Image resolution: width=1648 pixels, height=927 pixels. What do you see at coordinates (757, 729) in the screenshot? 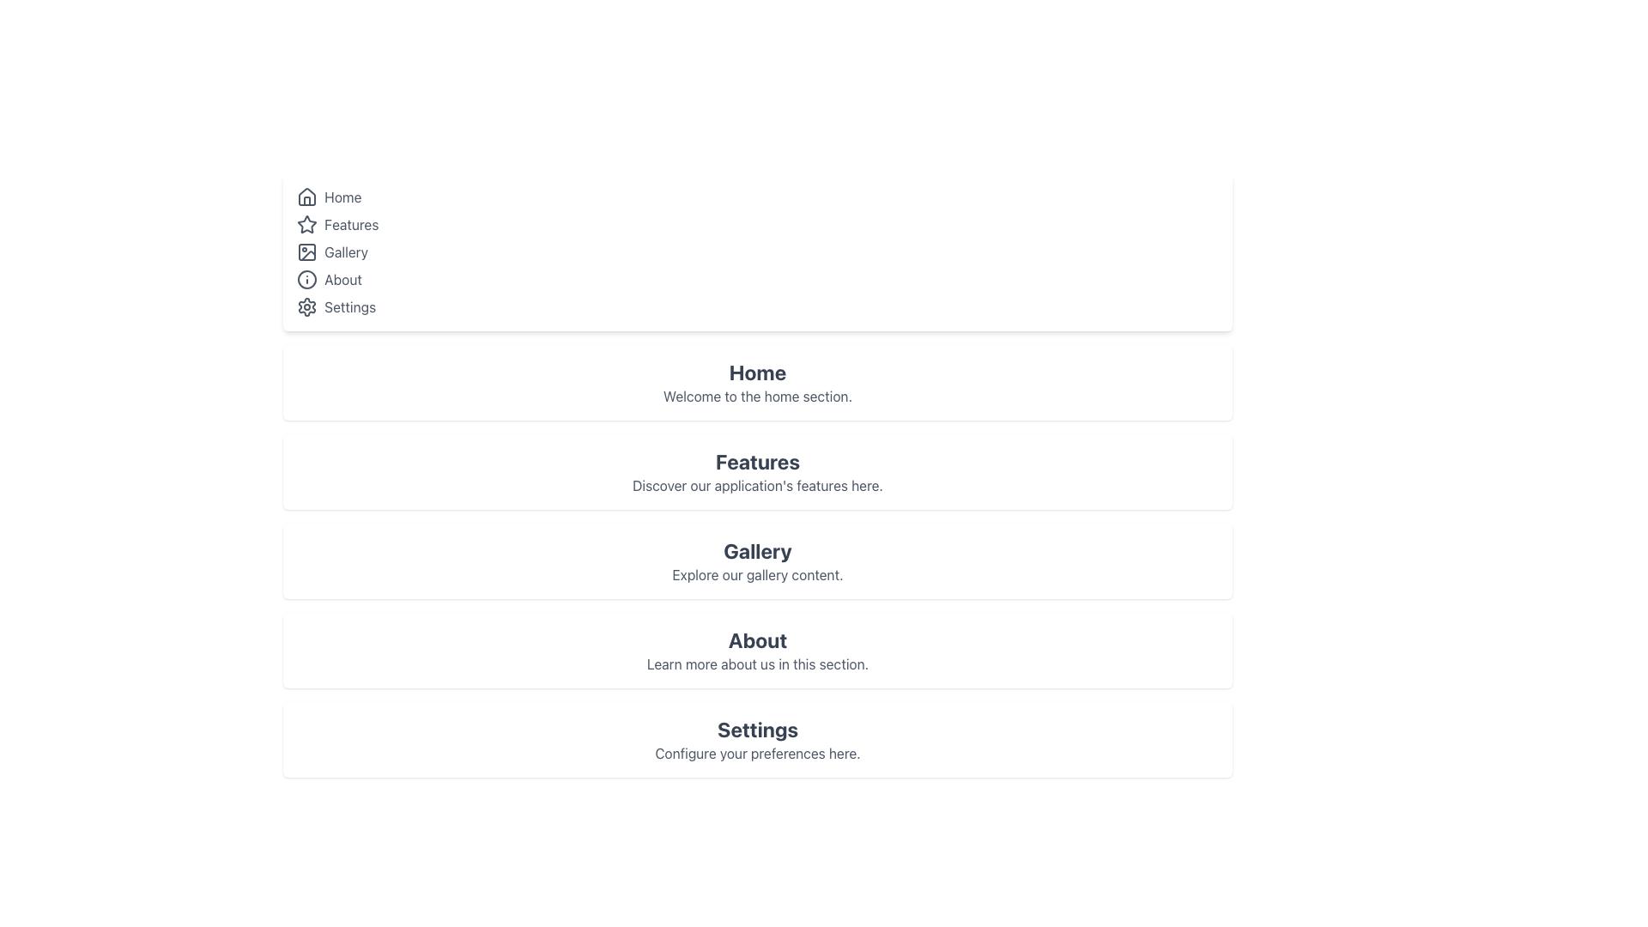
I see `the 'Settings' text label, which is styled in bold, 2XL font size and gray color (#4a4a4a), located in the lower section of the interface` at bounding box center [757, 729].